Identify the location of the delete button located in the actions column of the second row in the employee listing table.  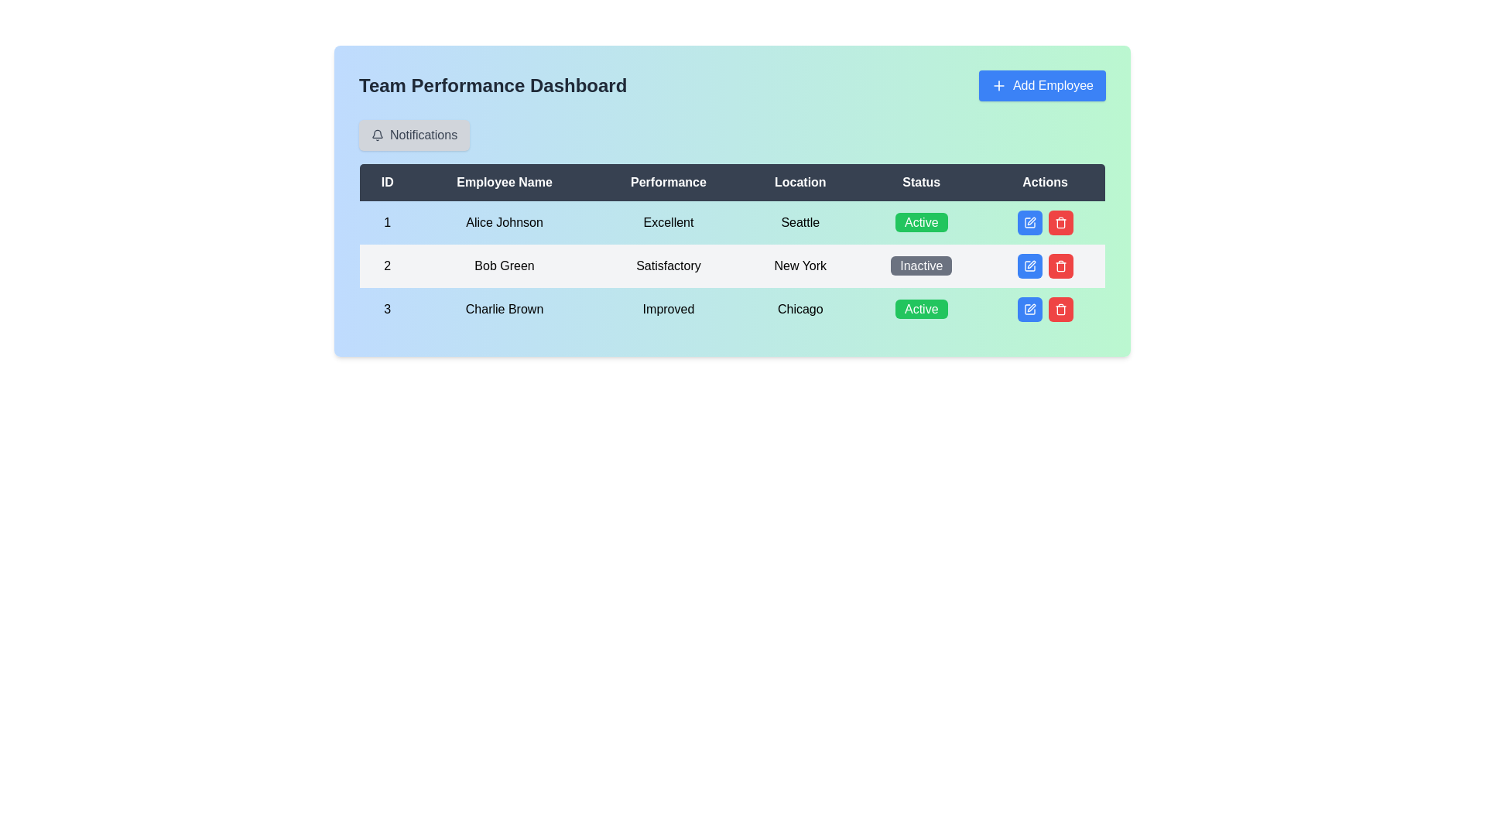
(1060, 310).